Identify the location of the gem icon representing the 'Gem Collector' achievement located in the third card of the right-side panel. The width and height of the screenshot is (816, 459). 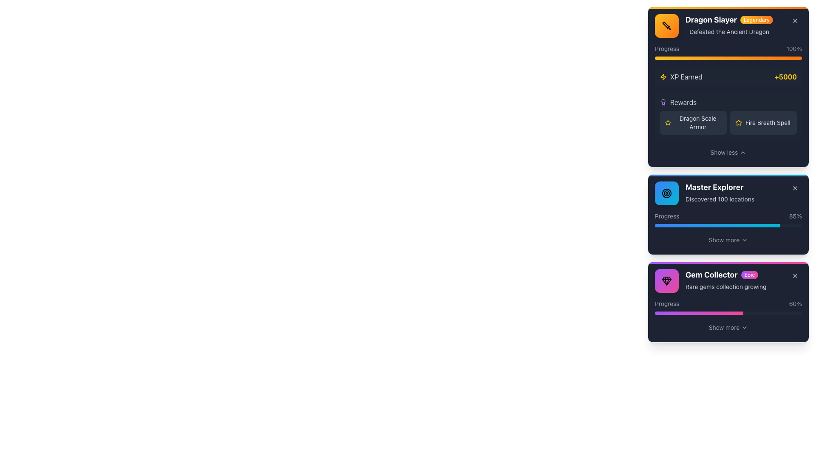
(666, 281).